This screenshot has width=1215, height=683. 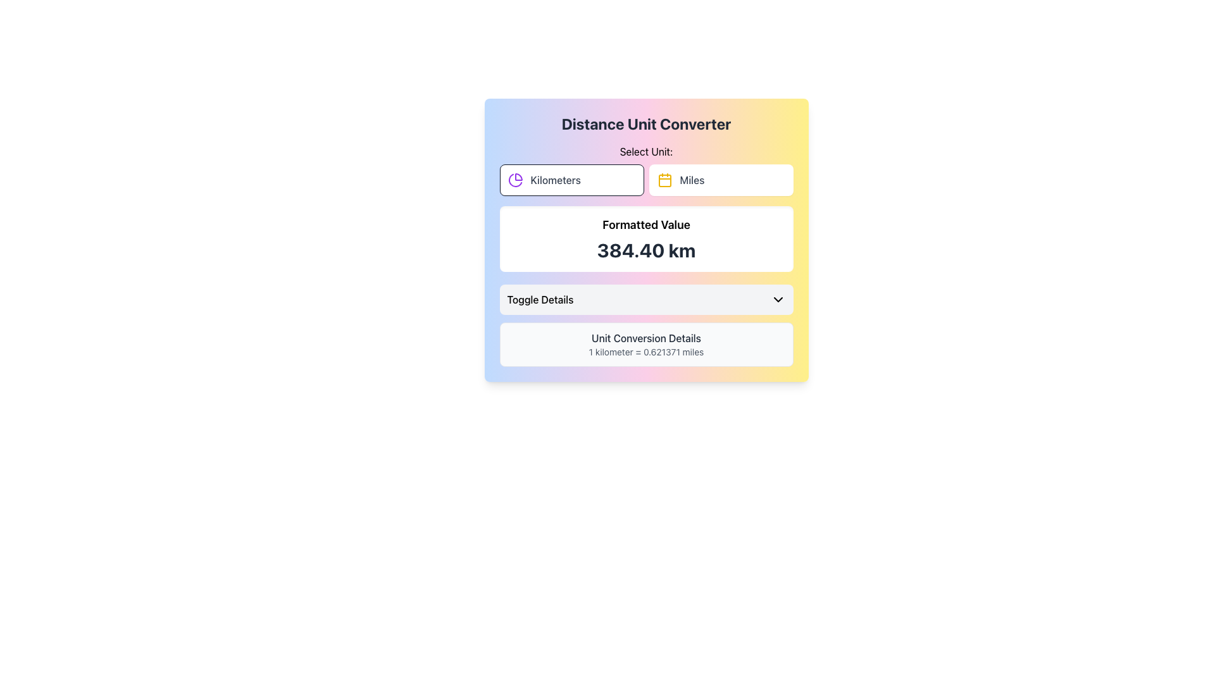 I want to click on text label that says 'Formatted Value', which is positioned above the bold numerical value '384.40 km' in a card-like section, so click(x=646, y=224).